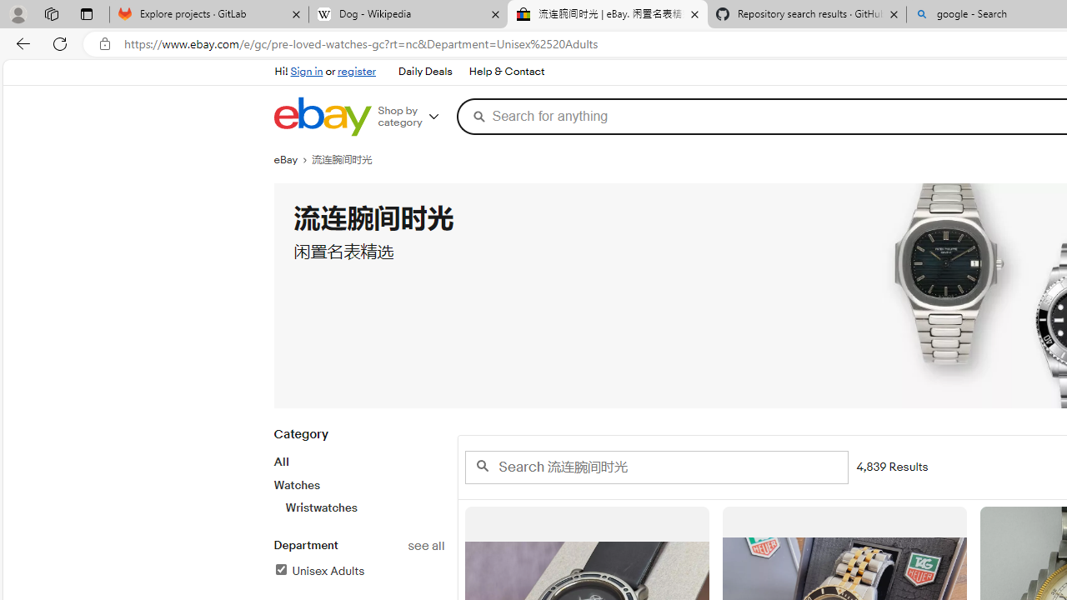 The width and height of the screenshot is (1067, 600). Describe the element at coordinates (414, 116) in the screenshot. I see `'Shop by category'` at that location.